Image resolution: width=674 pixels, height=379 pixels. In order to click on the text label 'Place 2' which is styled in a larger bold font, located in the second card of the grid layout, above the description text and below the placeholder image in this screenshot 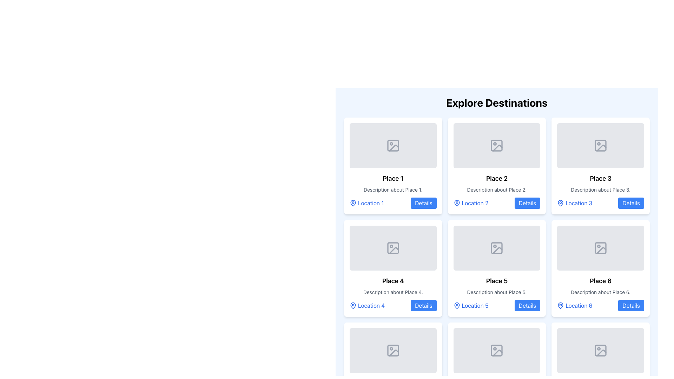, I will do `click(496, 178)`.